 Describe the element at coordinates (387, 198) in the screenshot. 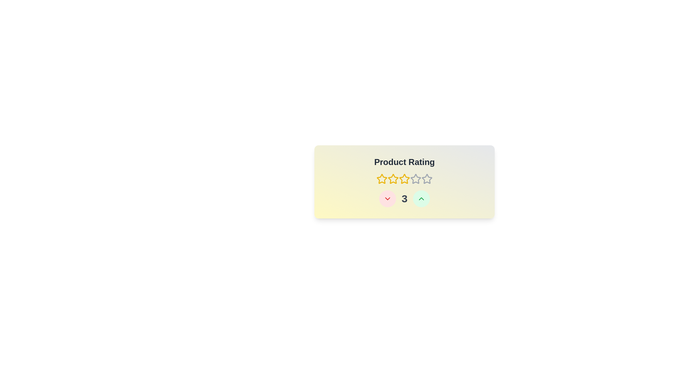

I see `the downward-pointing chevron icon within the circular button located to the left of the numeric display labeled '3' in the compact rating interface` at that location.